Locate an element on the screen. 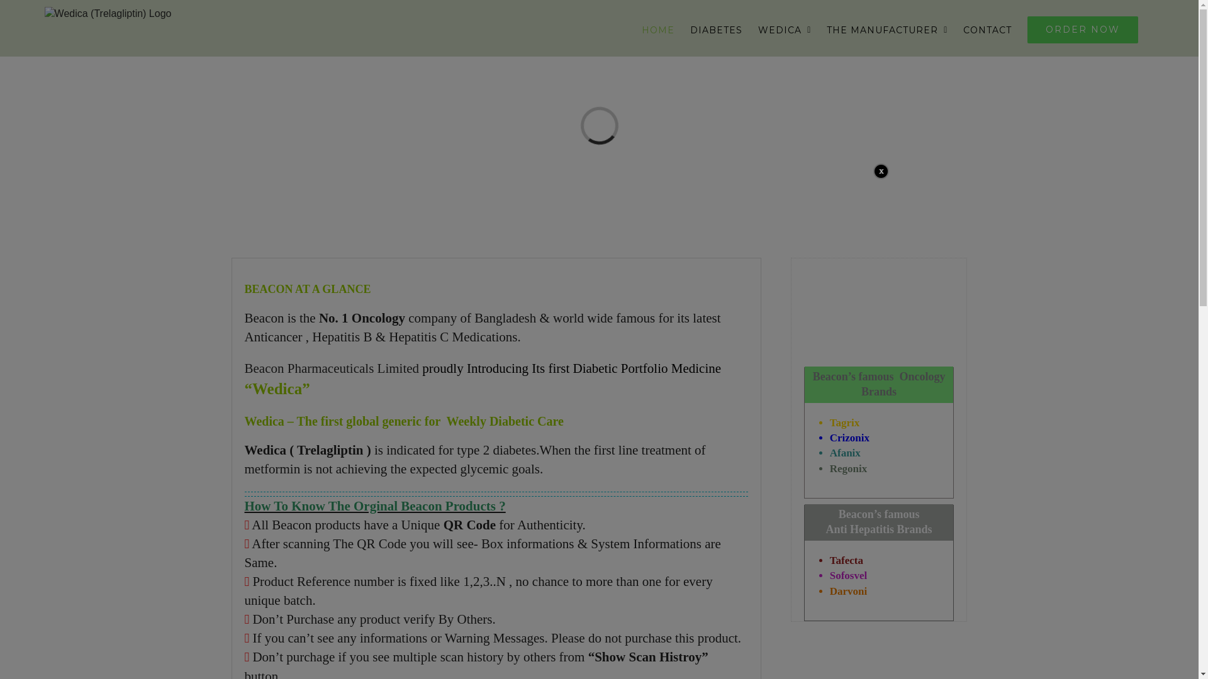 Image resolution: width=1208 pixels, height=679 pixels. 'Afanix' is located at coordinates (845, 453).